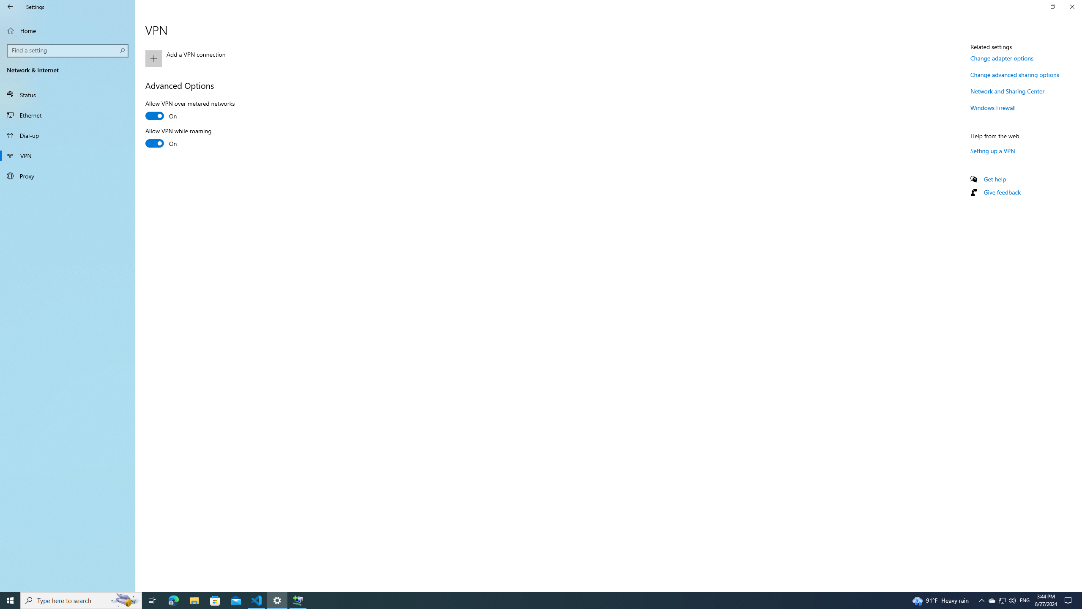 The height and width of the screenshot is (609, 1082). What do you see at coordinates (1001, 58) in the screenshot?
I see `'Change adapter options'` at bounding box center [1001, 58].